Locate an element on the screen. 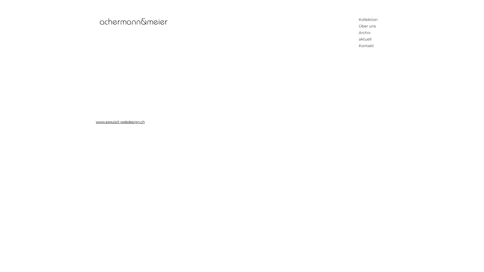 Image resolution: width=484 pixels, height=272 pixels. 'Archiv' is located at coordinates (369, 33).